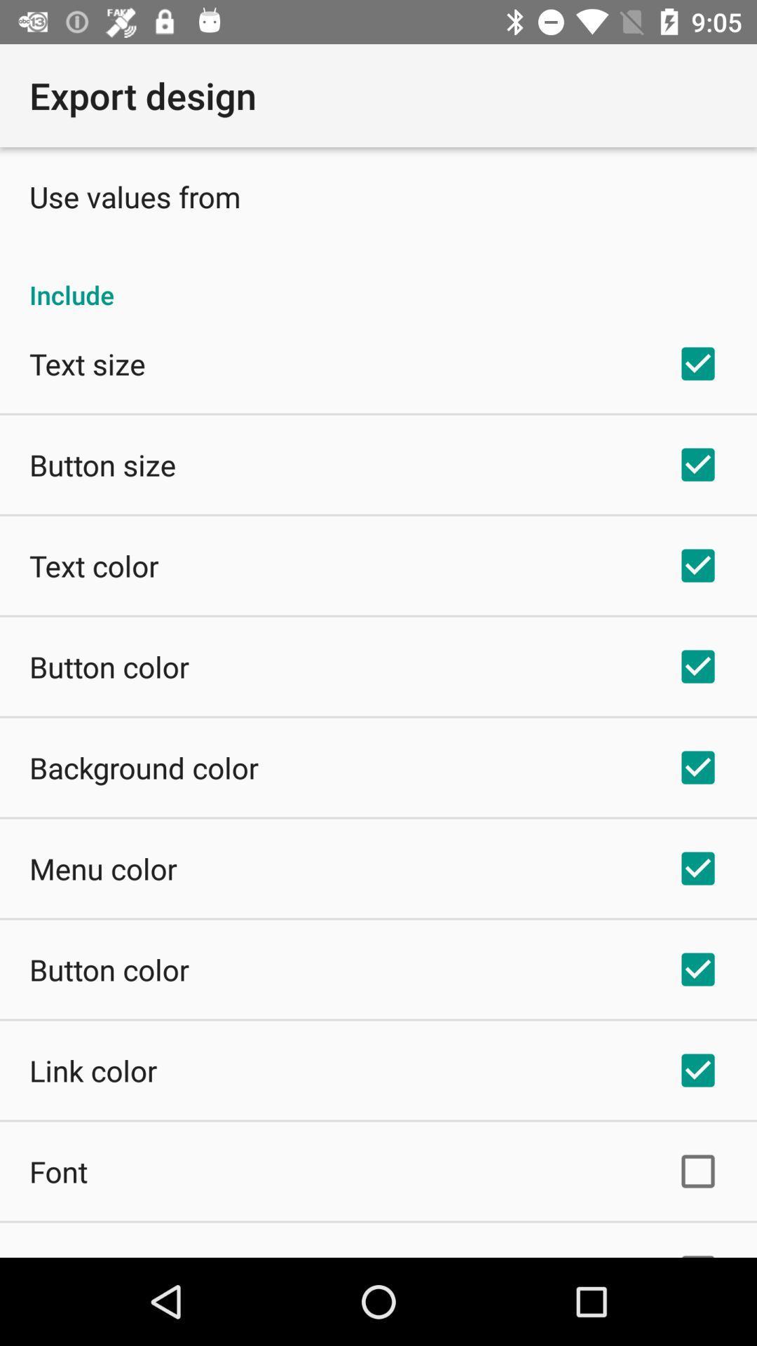 The height and width of the screenshot is (1346, 757). I want to click on the icon below export design, so click(135, 196).